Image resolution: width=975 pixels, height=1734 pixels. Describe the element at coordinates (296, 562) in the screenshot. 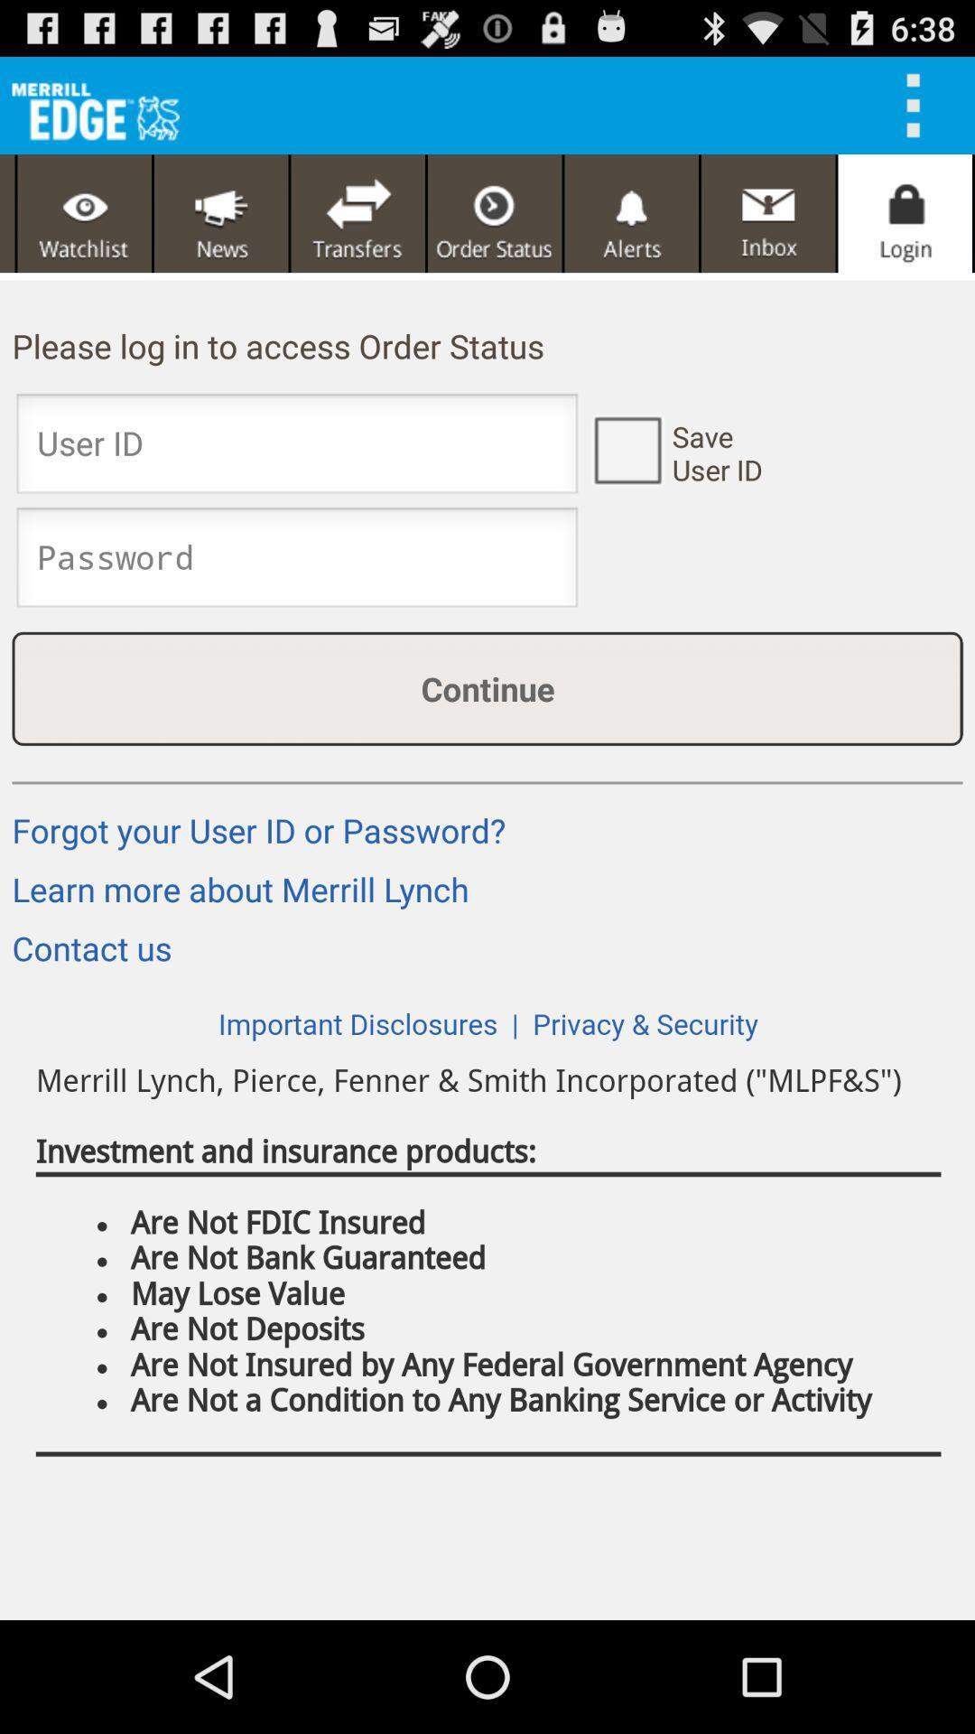

I see `password input` at that location.